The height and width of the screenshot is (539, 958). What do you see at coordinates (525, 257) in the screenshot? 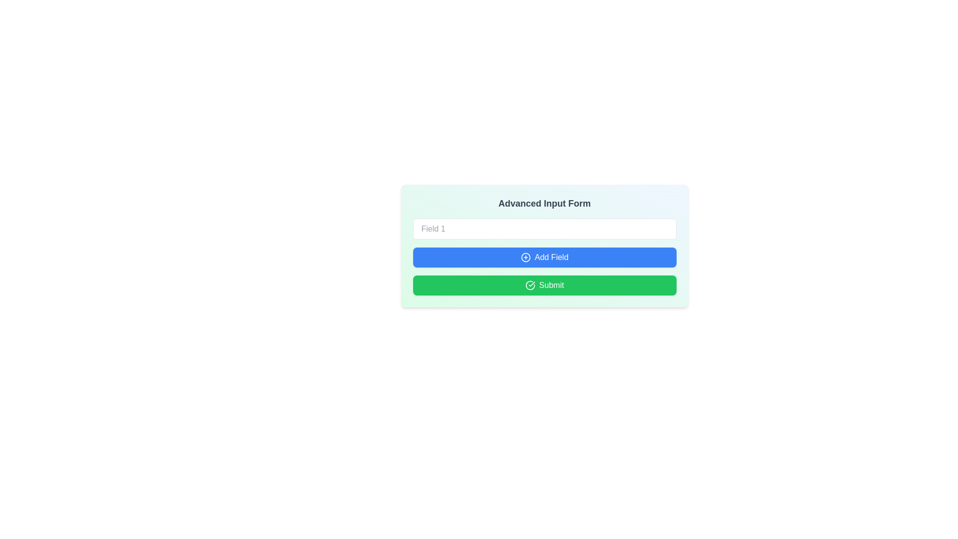
I see `the icon that signifies the action of adding a field, which is positioned to the left of the 'Add Field' button` at bounding box center [525, 257].